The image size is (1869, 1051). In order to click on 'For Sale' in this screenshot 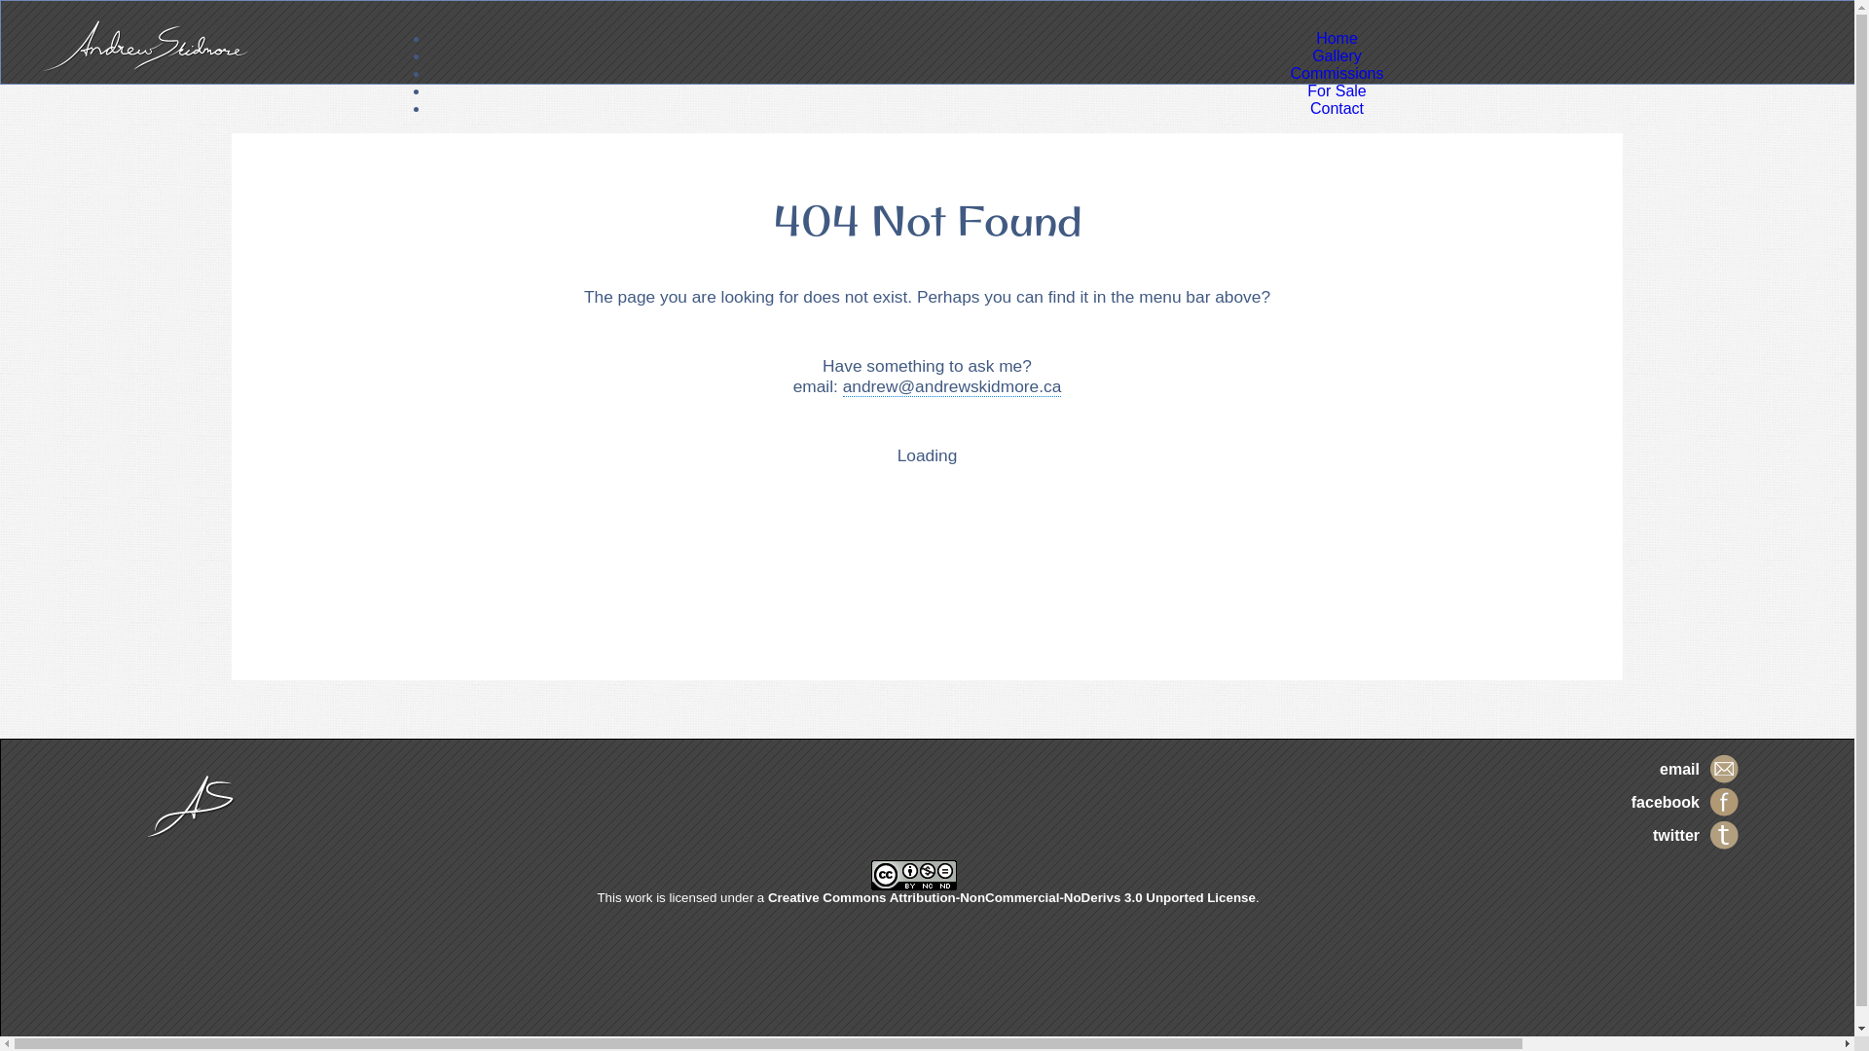, I will do `click(1335, 91)`.